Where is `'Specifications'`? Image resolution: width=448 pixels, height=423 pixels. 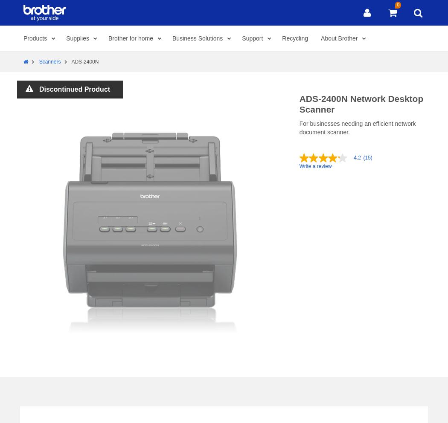
'Specifications' is located at coordinates (61, 13).